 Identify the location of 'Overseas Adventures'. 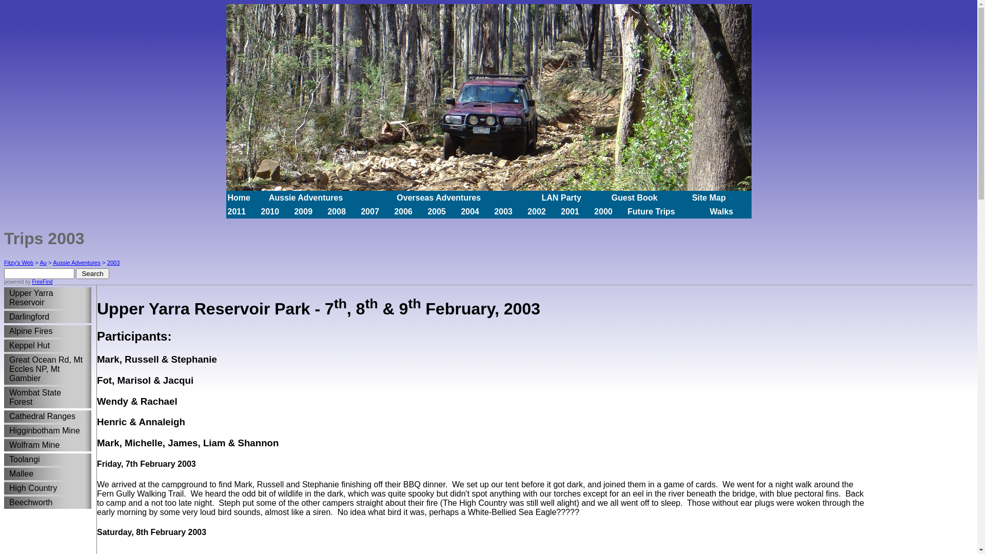
(438, 197).